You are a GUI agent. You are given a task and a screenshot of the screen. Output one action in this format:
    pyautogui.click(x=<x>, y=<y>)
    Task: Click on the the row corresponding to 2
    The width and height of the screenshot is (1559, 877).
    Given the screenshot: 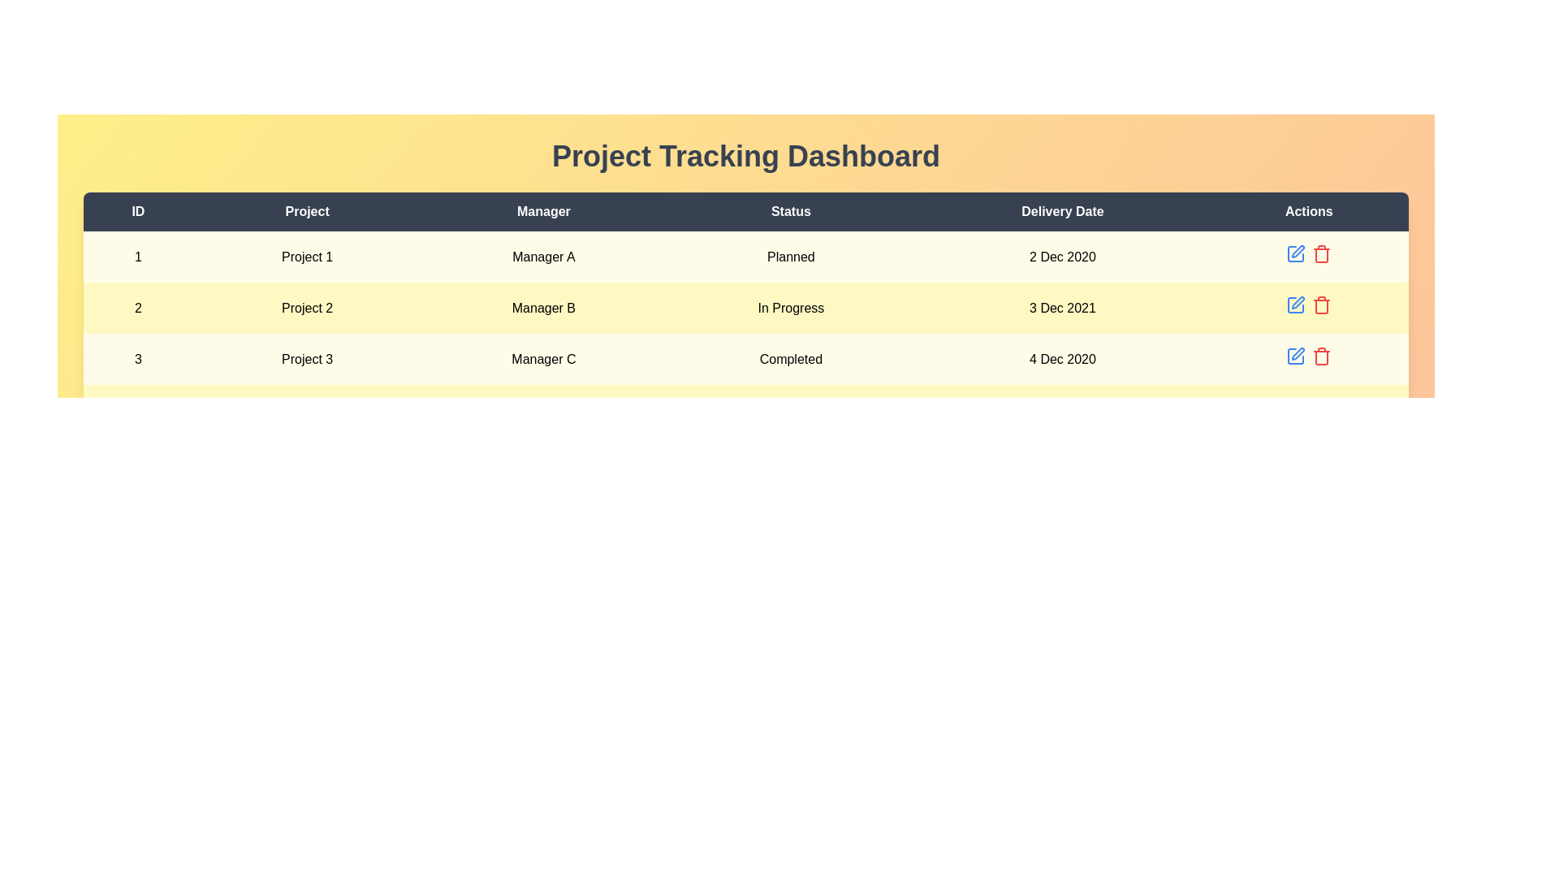 What is the action you would take?
    pyautogui.click(x=745, y=308)
    